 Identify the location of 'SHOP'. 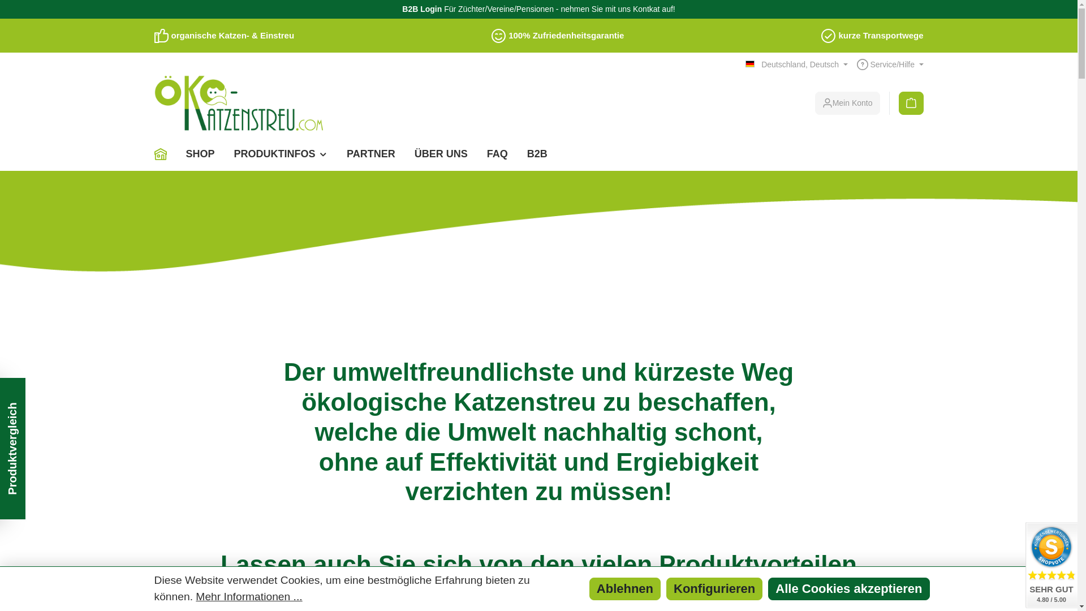
(200, 154).